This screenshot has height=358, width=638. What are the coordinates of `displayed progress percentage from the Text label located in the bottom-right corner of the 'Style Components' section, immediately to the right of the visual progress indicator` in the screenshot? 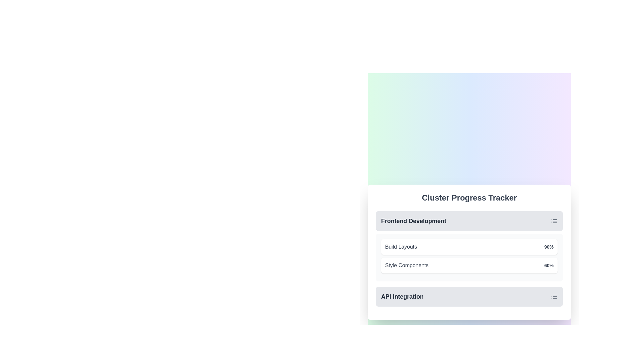 It's located at (547, 265).